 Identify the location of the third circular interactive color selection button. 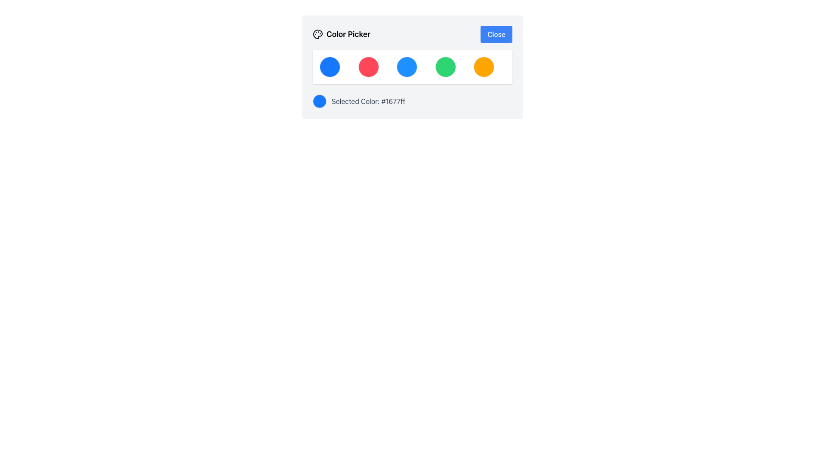
(412, 66).